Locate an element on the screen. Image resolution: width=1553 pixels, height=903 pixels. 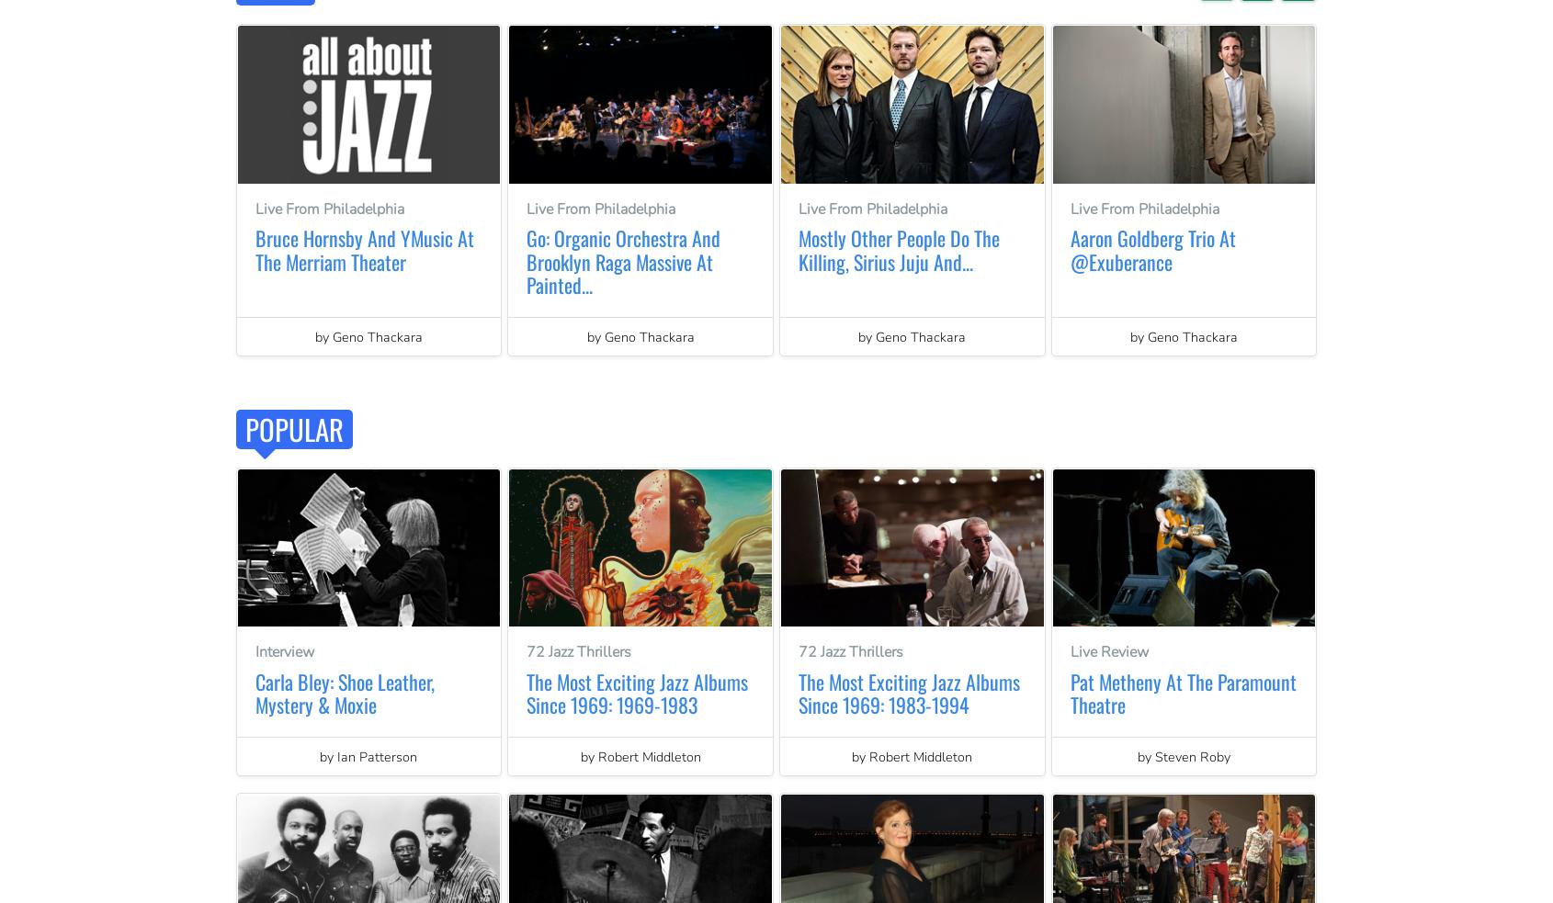
'Aaron Goldberg Trio at @exuberance' is located at coordinates (1070, 249).